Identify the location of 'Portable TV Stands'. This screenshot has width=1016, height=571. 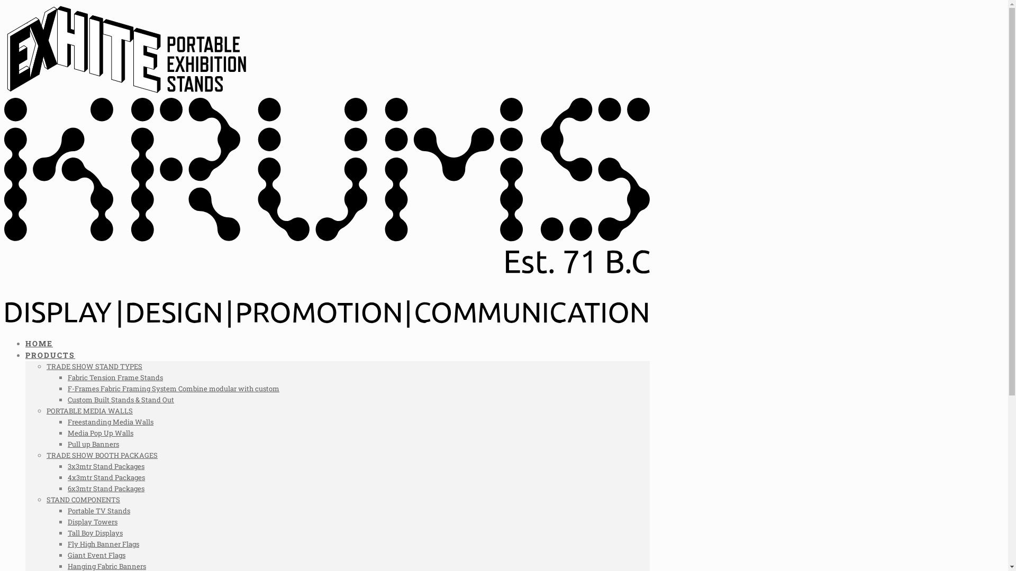
(99, 510).